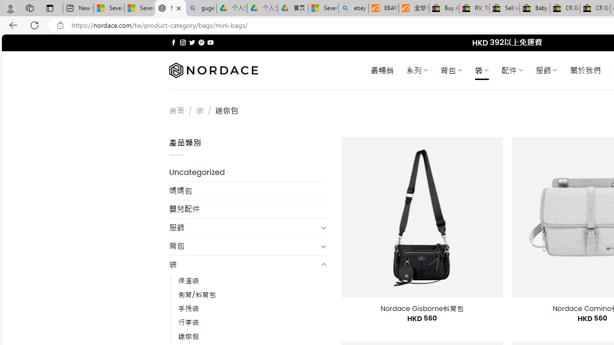 The width and height of the screenshot is (614, 345). What do you see at coordinates (474, 8) in the screenshot?
I see `'RV, Trailer & Camper Steps & Ladders for sale | eBay'` at bounding box center [474, 8].